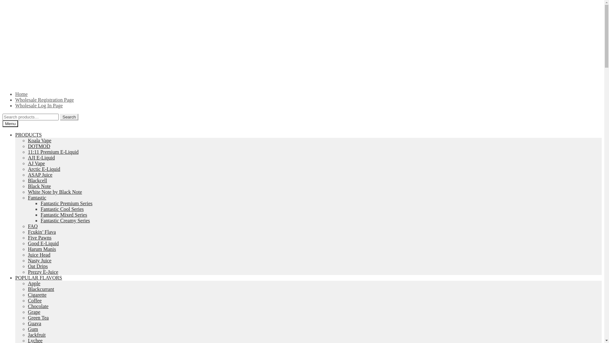 The image size is (609, 343). What do you see at coordinates (67, 203) in the screenshot?
I see `'Fantastic Premium Series'` at bounding box center [67, 203].